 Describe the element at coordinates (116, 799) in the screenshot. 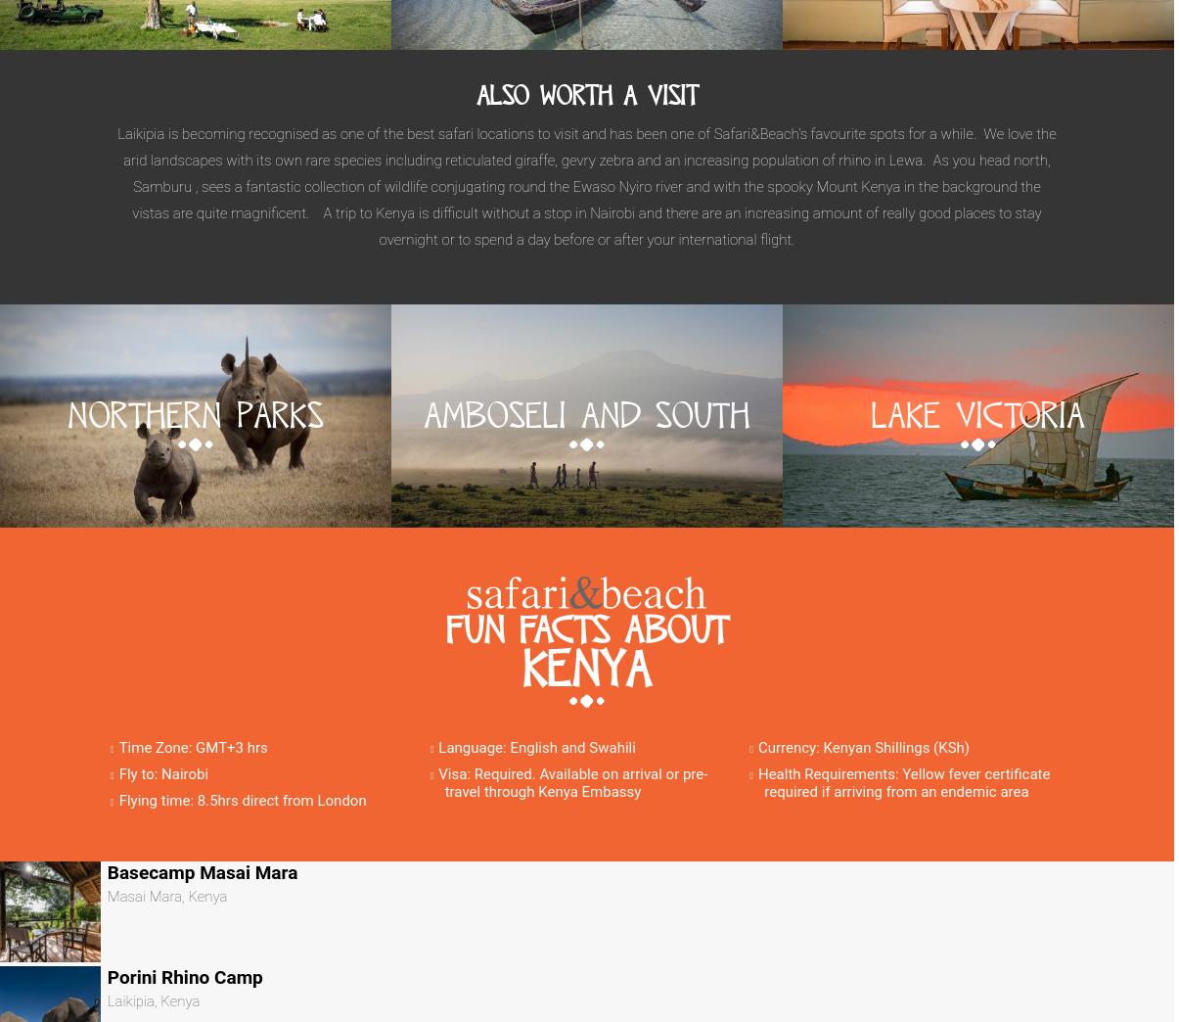

I see `'Flying time: 8.5hrs direct from London'` at that location.